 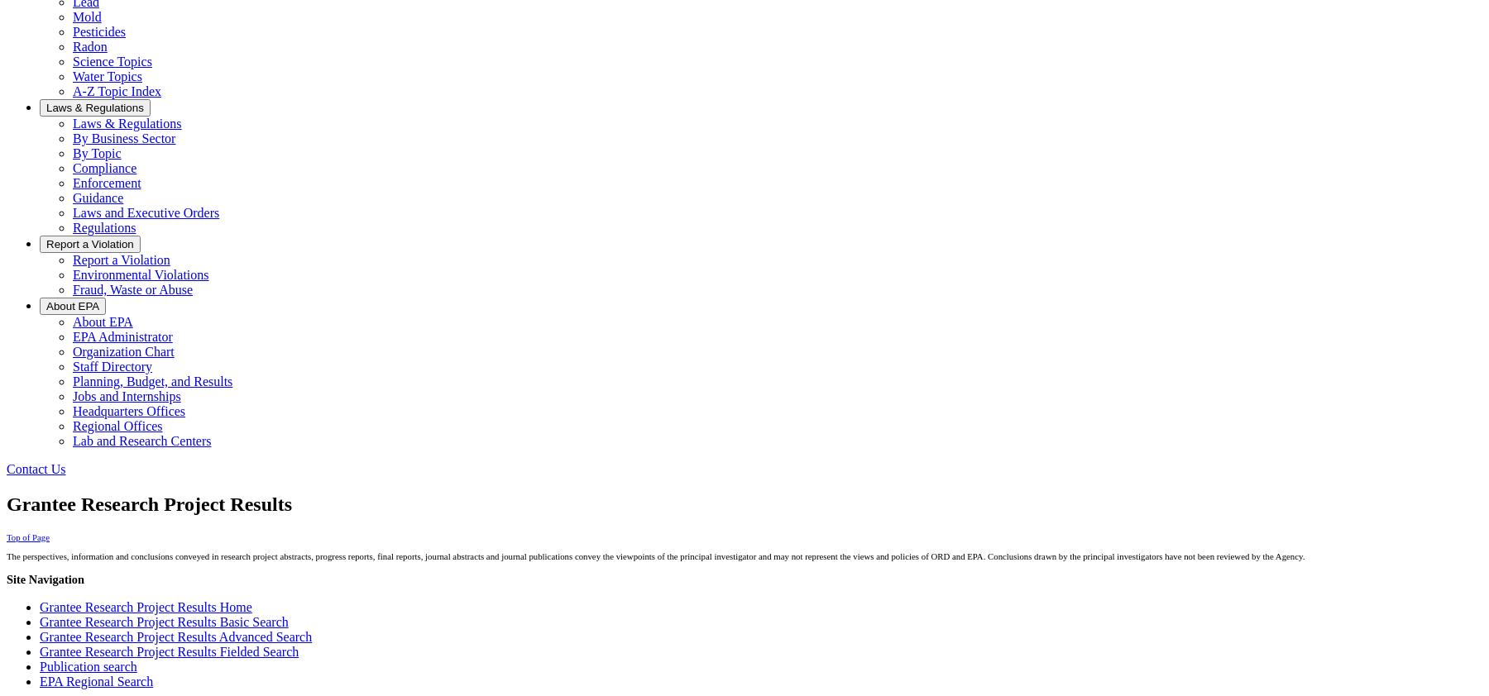 What do you see at coordinates (5, 579) in the screenshot?
I see `'Site Navigation'` at bounding box center [5, 579].